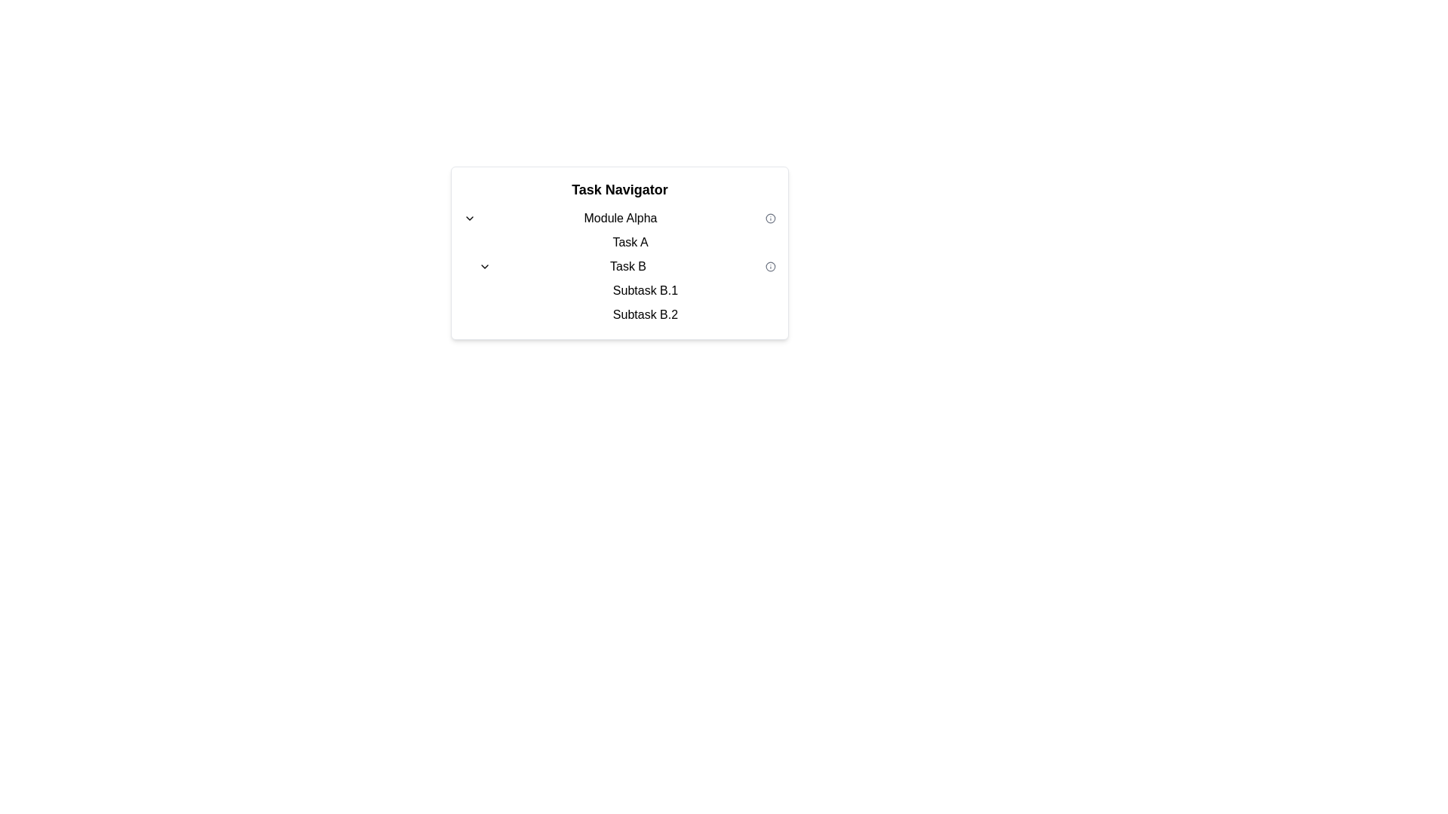 Image resolution: width=1448 pixels, height=814 pixels. What do you see at coordinates (620, 218) in the screenshot?
I see `the 'Module Alpha' text label in the navigation menu, which is positioned to the right of the chevron-down icon and is the first item in the collapsible menu group under 'Task Navigator'` at bounding box center [620, 218].